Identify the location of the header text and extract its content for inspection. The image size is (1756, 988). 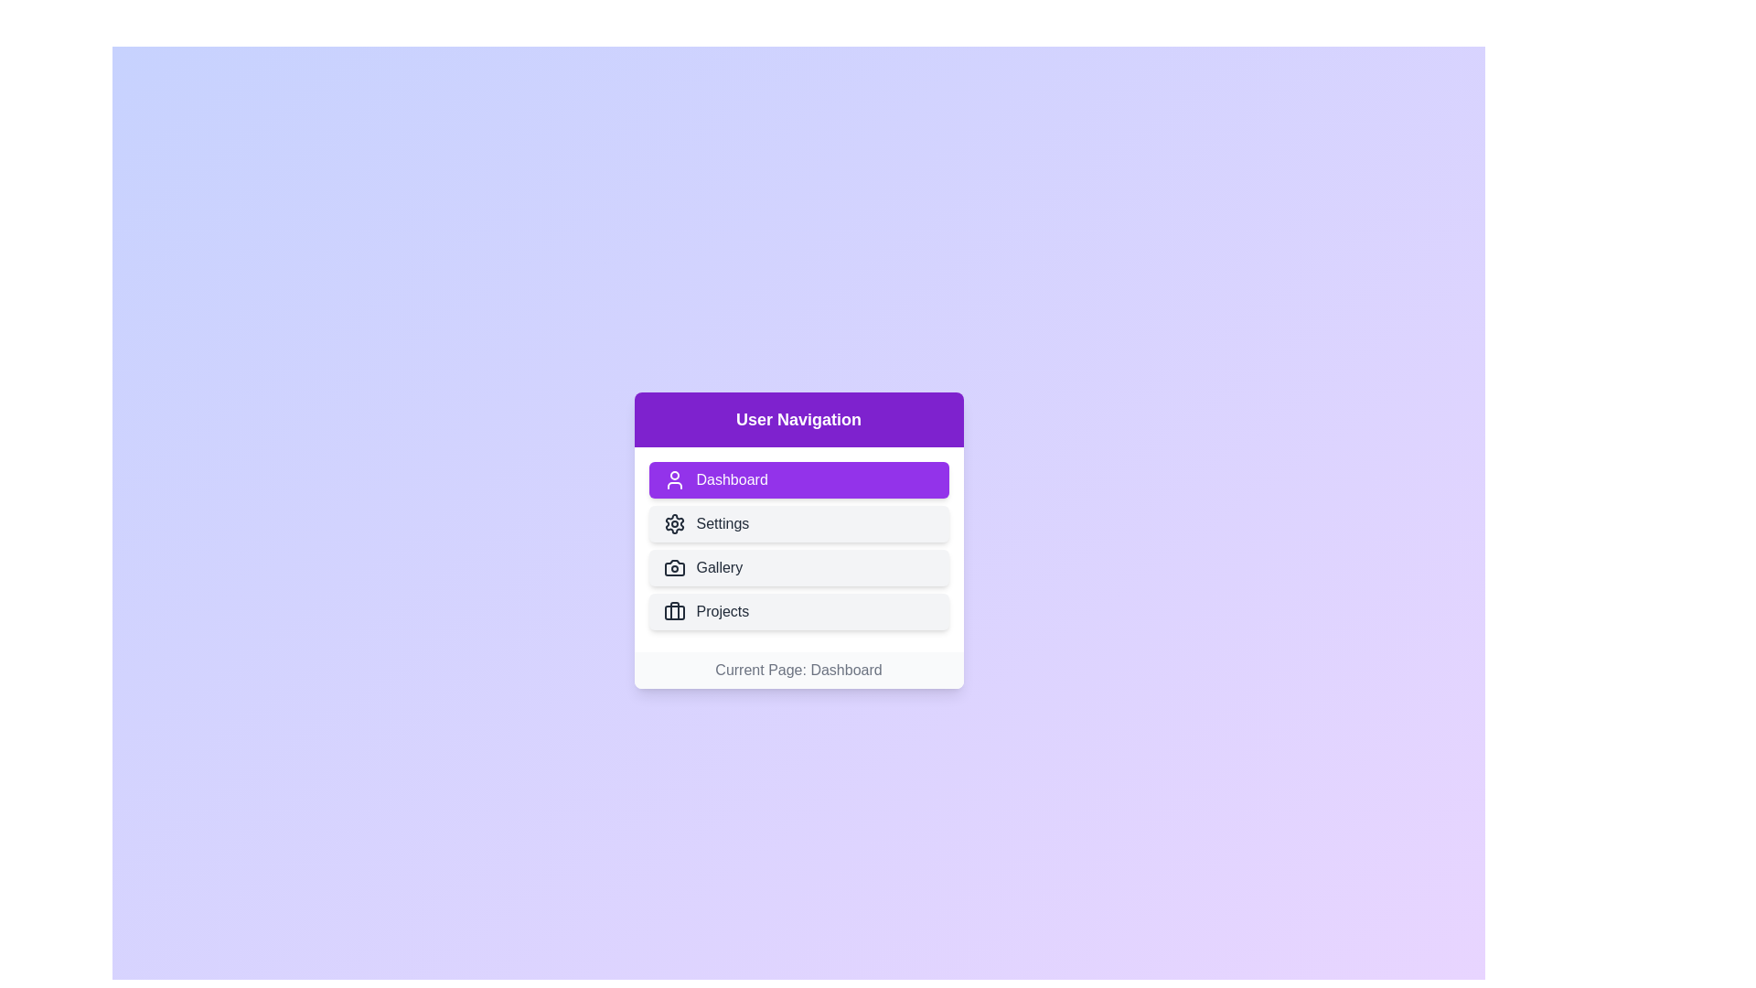
(798, 420).